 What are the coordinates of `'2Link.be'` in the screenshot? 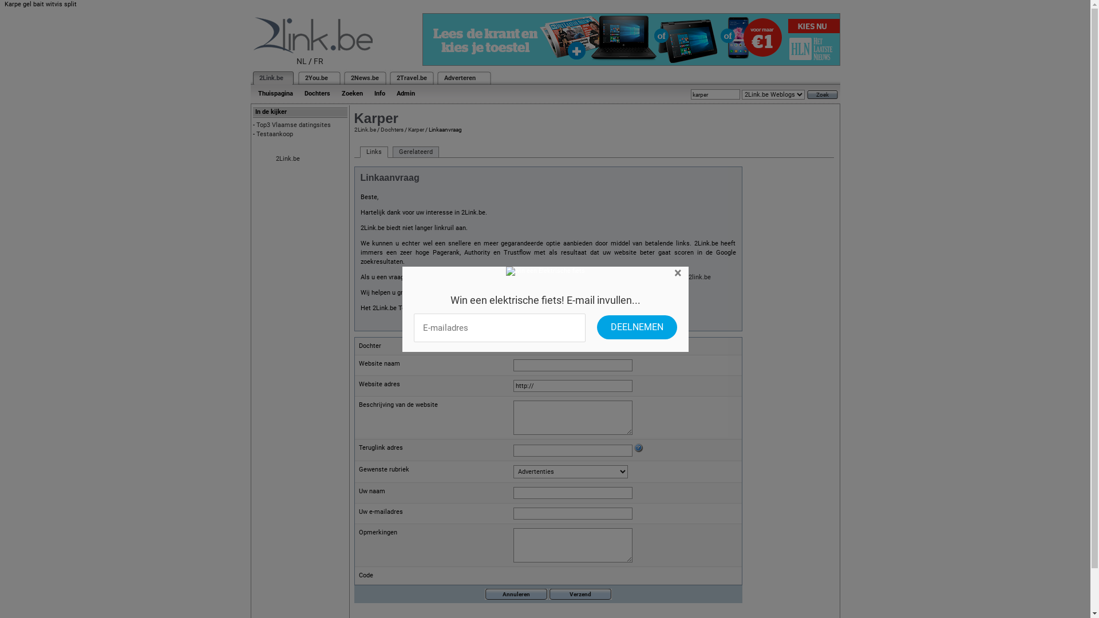 It's located at (364, 129).